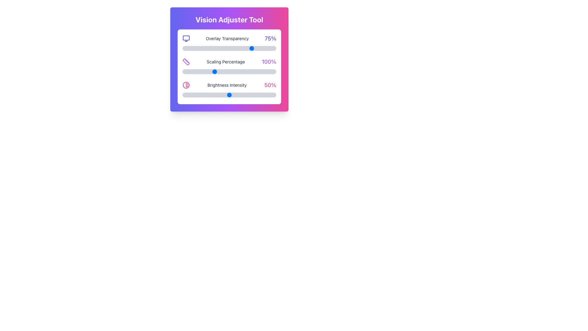 The height and width of the screenshot is (331, 588). I want to click on the small rectangle inside the monitor display icon, which has rounded corners and is positioned at the top-center part of the icon, so click(186, 38).